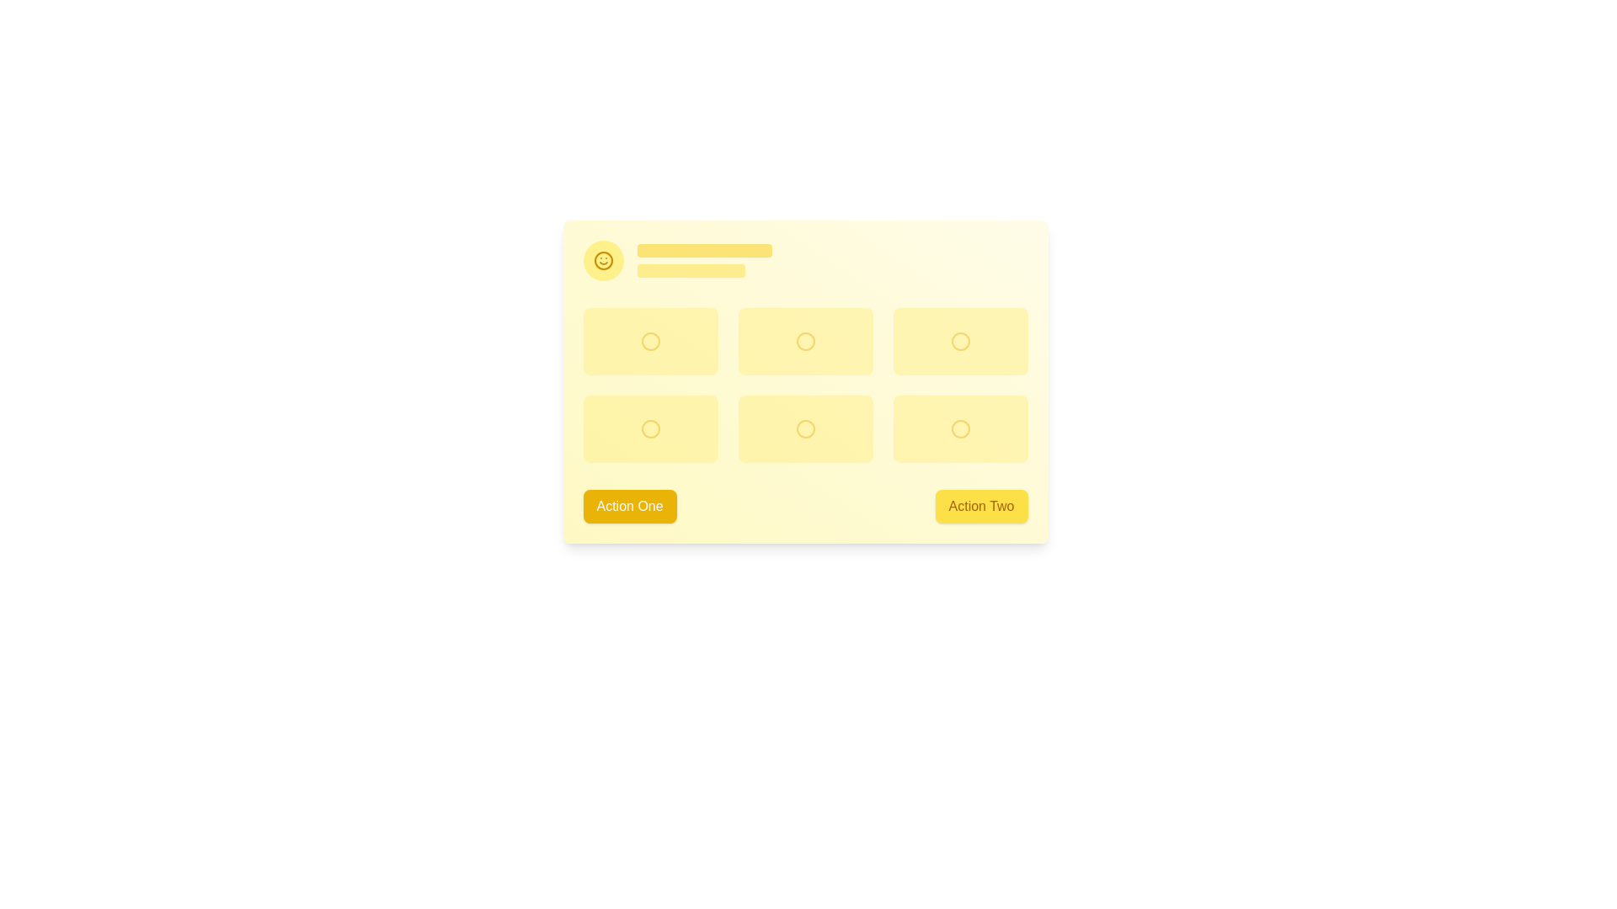  Describe the element at coordinates (960, 341) in the screenshot. I see `the yellow circular icon element, which is styled with a line stroke and positioned in the second row and third column of the grid layout` at that location.